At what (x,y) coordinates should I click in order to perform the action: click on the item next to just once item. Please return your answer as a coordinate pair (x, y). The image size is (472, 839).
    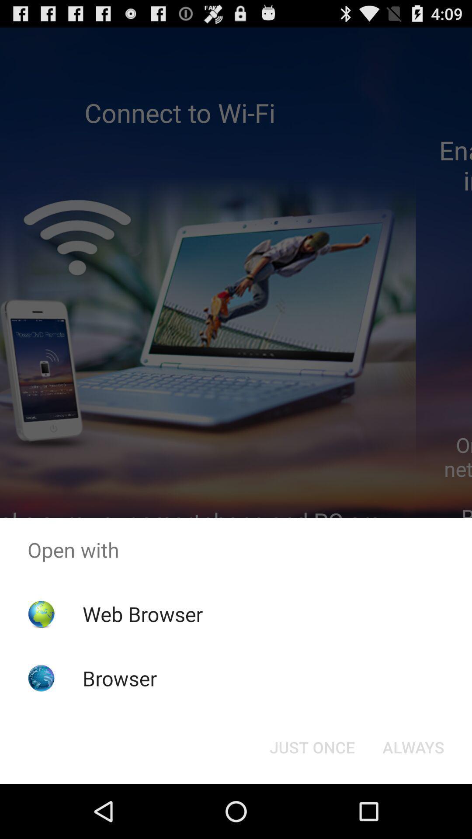
    Looking at the image, I should click on (413, 746).